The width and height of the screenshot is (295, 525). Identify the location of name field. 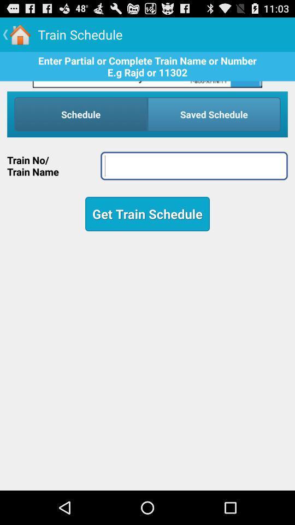
(193, 166).